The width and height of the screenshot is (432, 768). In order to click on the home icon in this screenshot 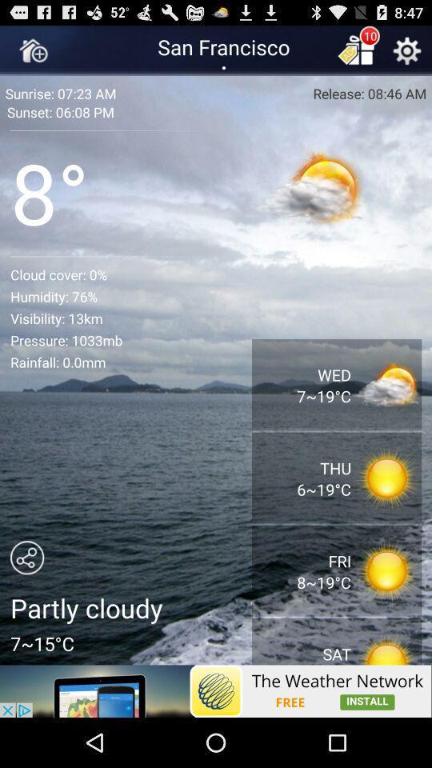, I will do `click(33, 54)`.